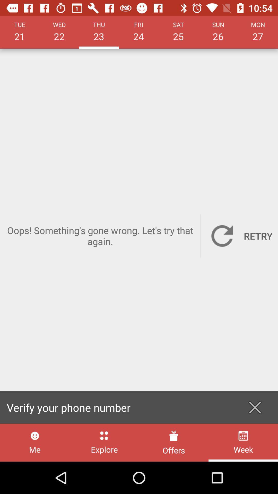 Image resolution: width=278 pixels, height=494 pixels. I want to click on the item to the right of me icon, so click(104, 442).